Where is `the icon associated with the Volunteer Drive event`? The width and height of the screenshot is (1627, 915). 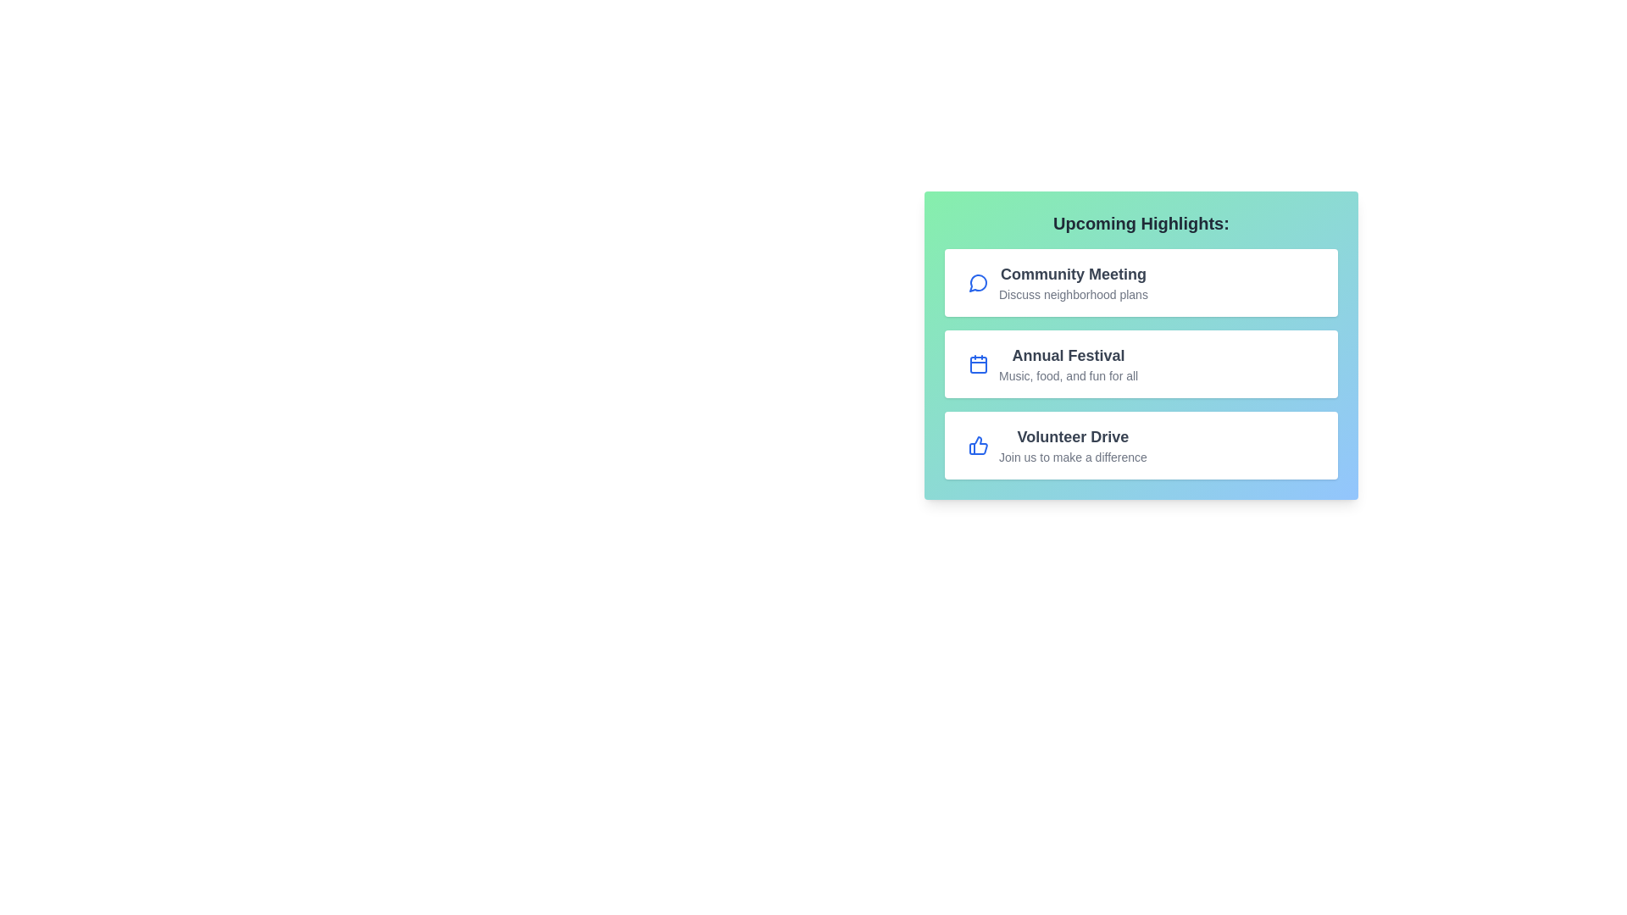
the icon associated with the Volunteer Drive event is located at coordinates (979, 444).